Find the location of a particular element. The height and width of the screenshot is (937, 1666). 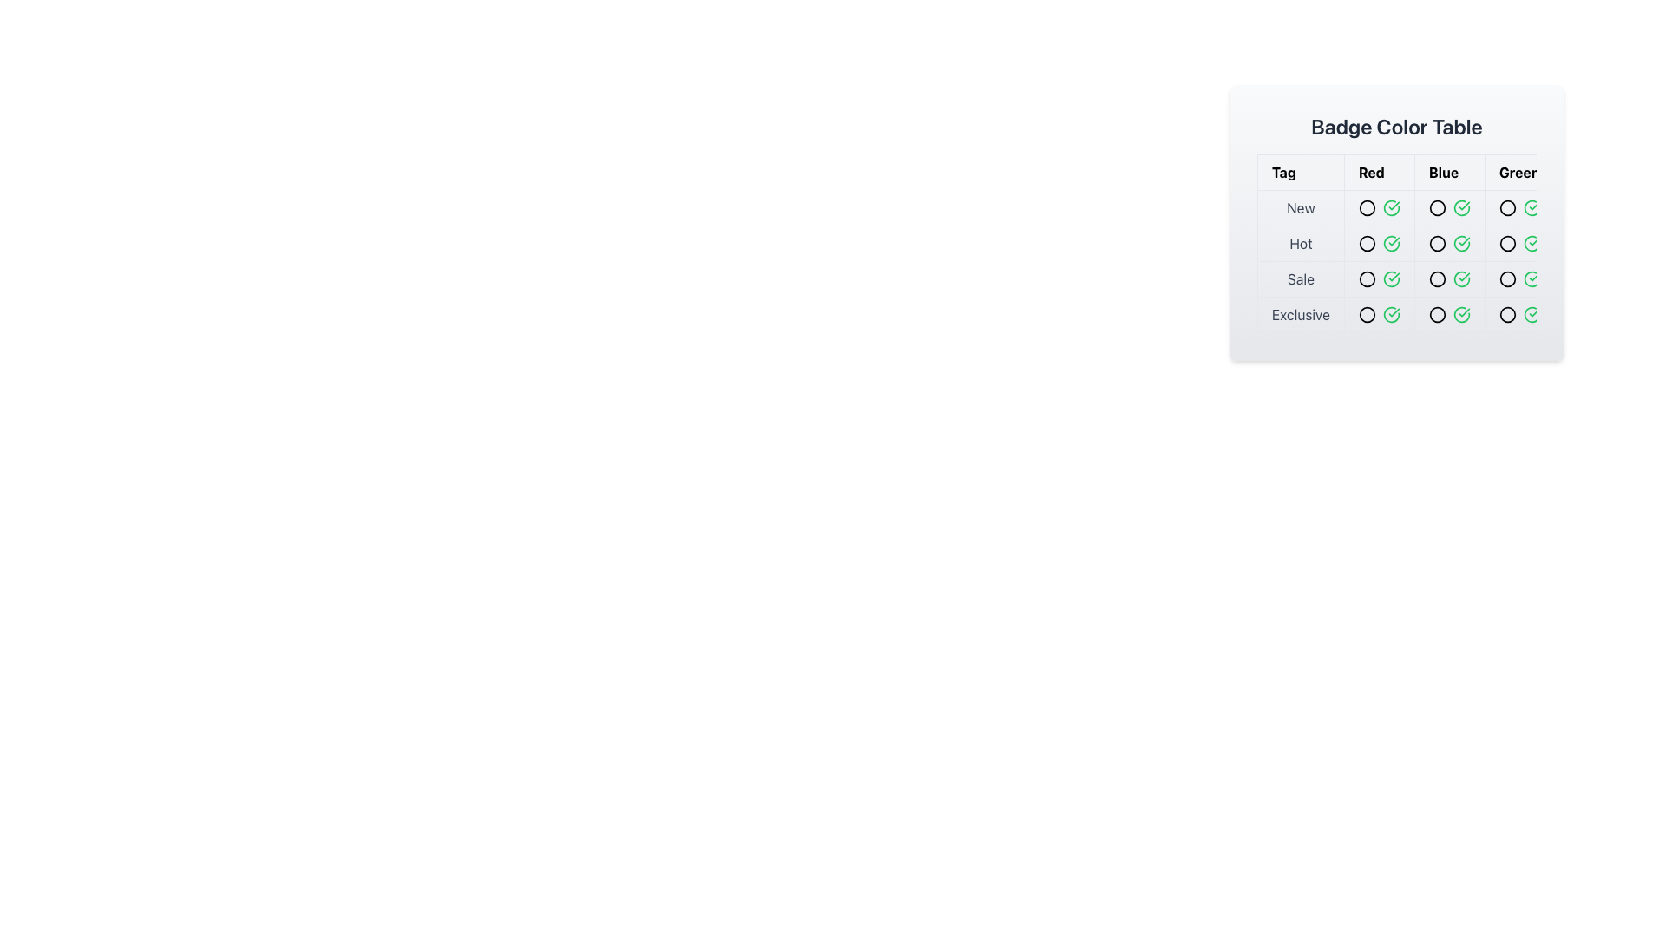

the small green circular icon representing the 'Exclusive' tag in the Badge Color Table, located in the last row and last column of the table is located at coordinates (1506, 314).